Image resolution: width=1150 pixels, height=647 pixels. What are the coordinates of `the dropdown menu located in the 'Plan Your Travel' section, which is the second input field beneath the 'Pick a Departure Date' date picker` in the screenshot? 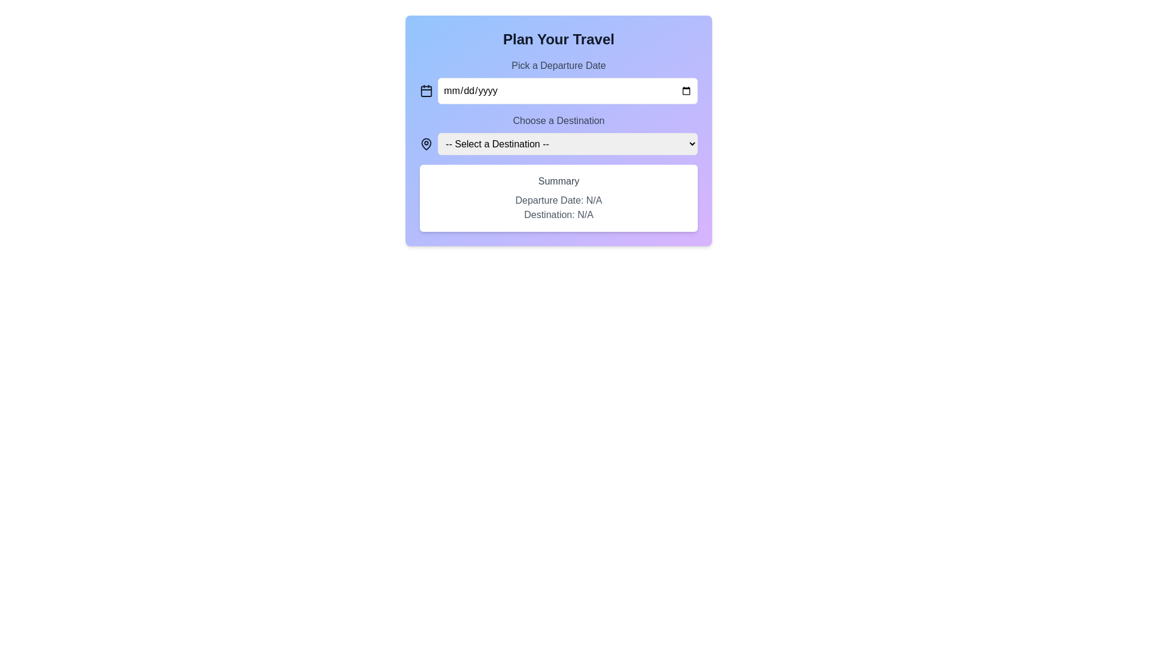 It's located at (558, 134).